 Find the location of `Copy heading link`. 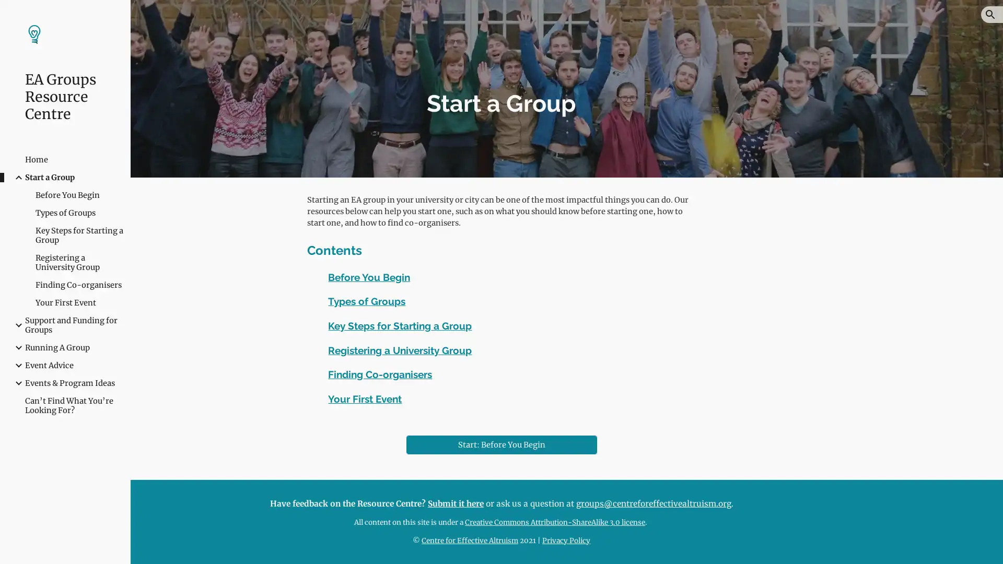

Copy heading link is located at coordinates (478, 398).